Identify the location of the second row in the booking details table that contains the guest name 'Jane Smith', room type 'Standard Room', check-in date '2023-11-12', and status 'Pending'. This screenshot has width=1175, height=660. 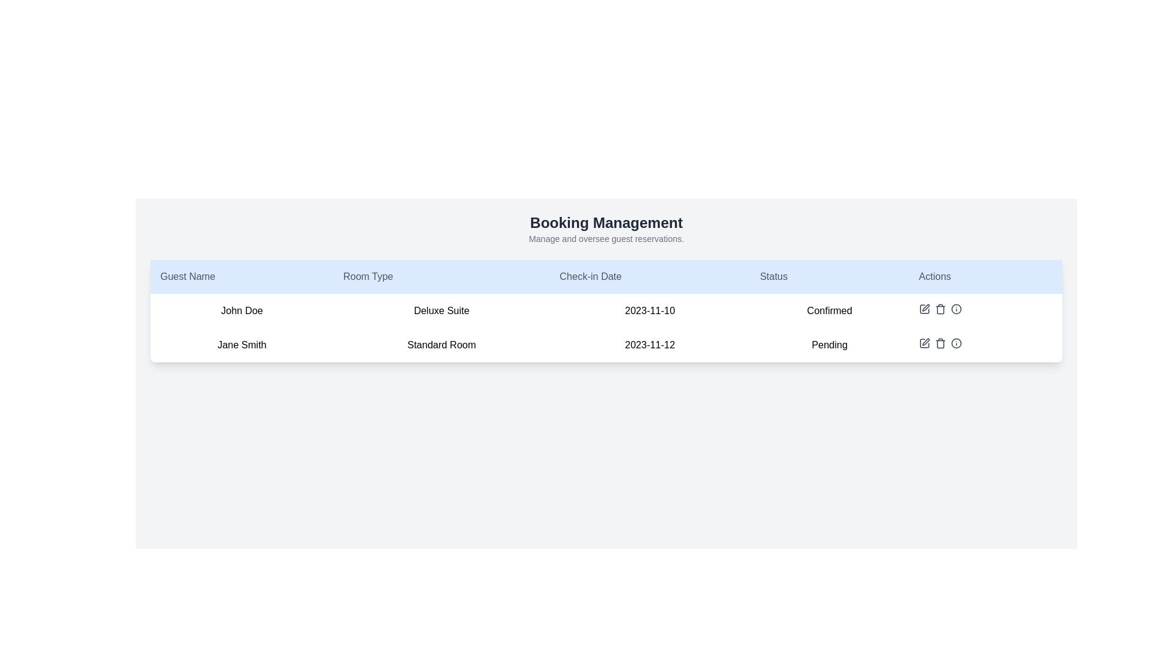
(606, 345).